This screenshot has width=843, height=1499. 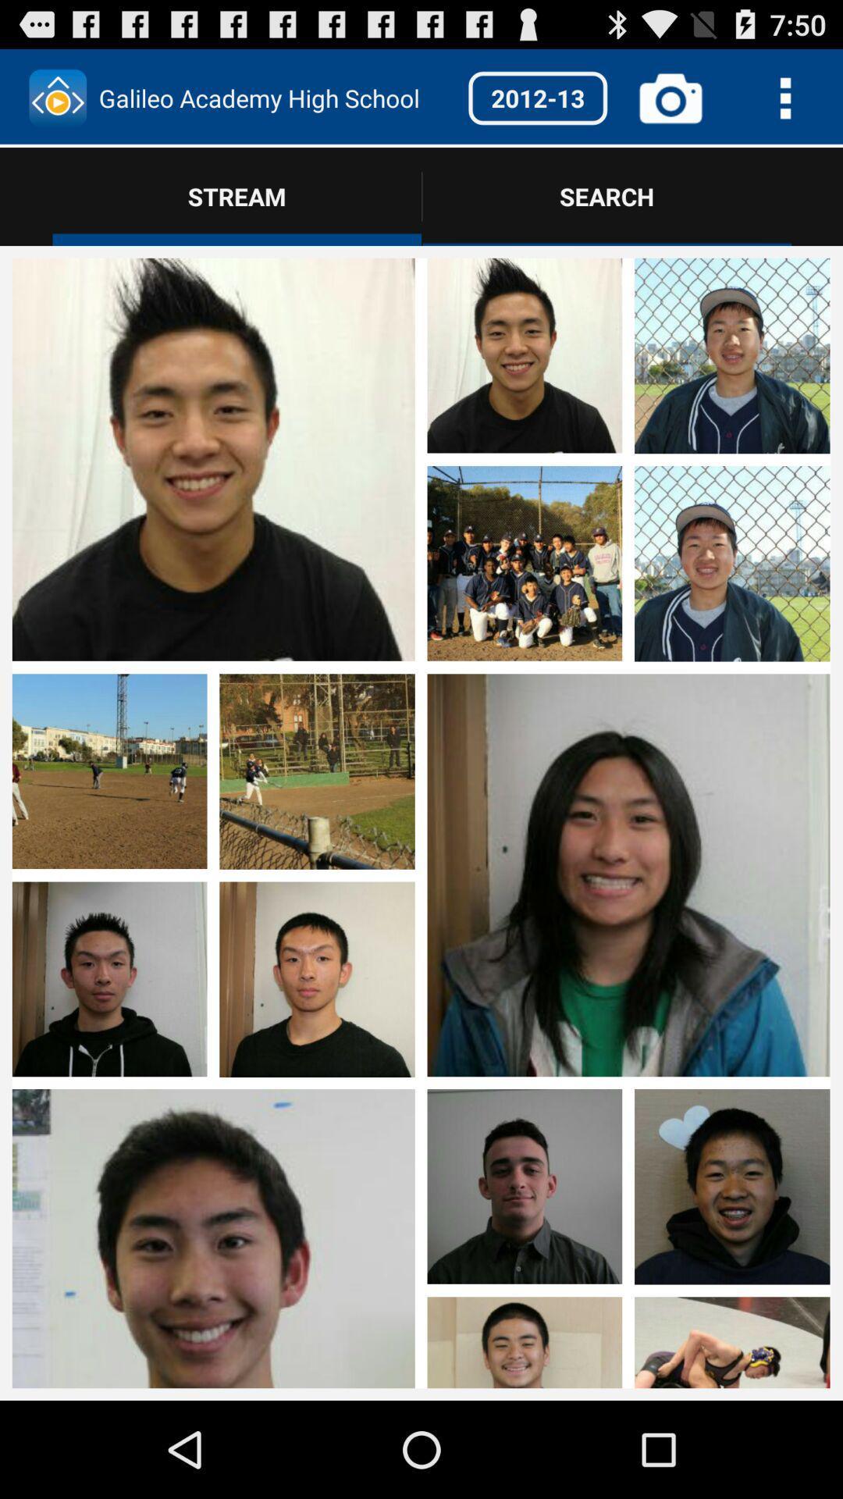 I want to click on photos page, so click(x=108, y=1179).